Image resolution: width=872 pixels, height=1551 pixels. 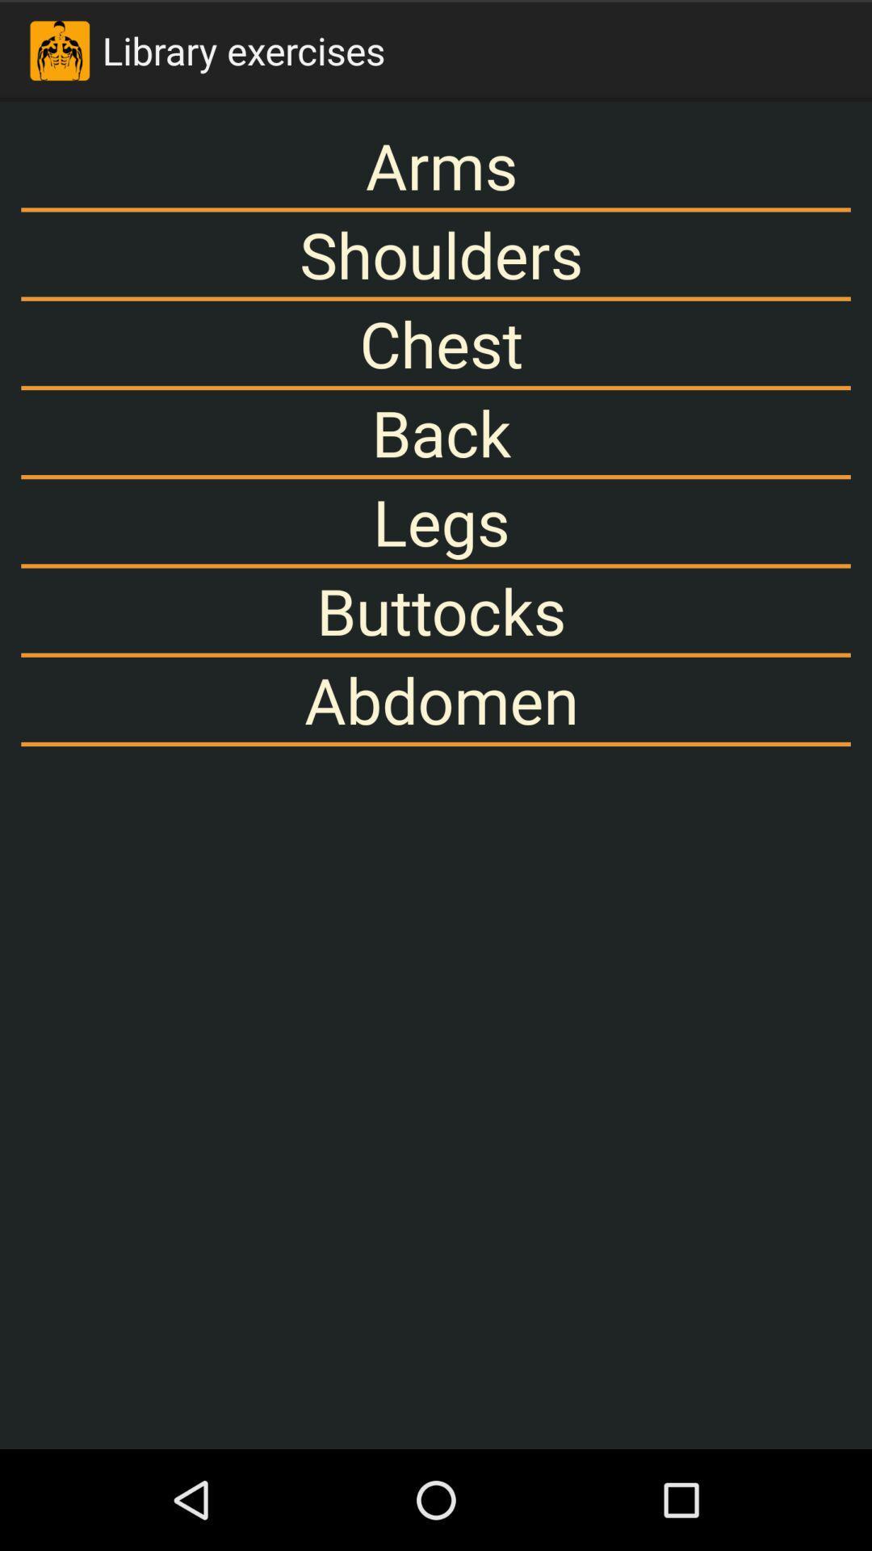 I want to click on the item below the back, so click(x=436, y=521).